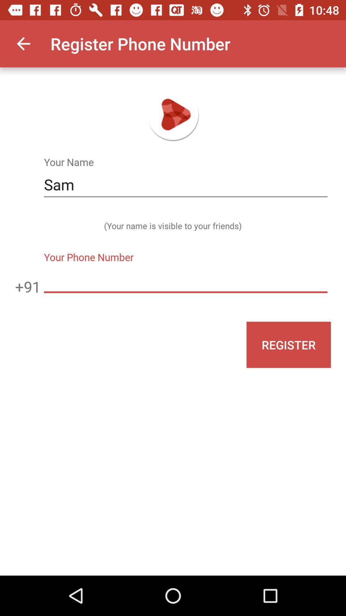 The height and width of the screenshot is (616, 346). Describe the element at coordinates (185, 280) in the screenshot. I see `icon above register` at that location.